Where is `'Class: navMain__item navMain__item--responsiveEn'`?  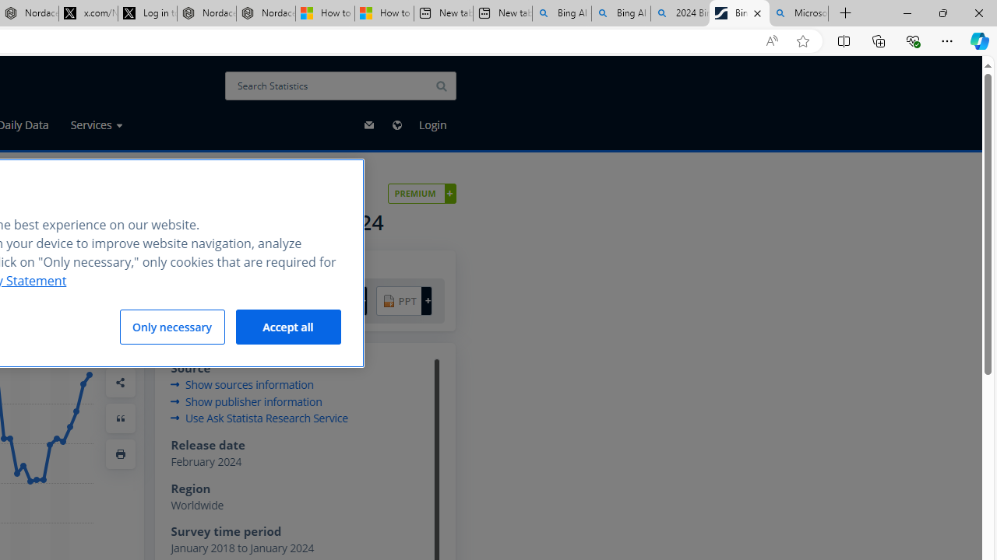 'Class: navMain__item navMain__item--responsiveEn' is located at coordinates (396, 124).